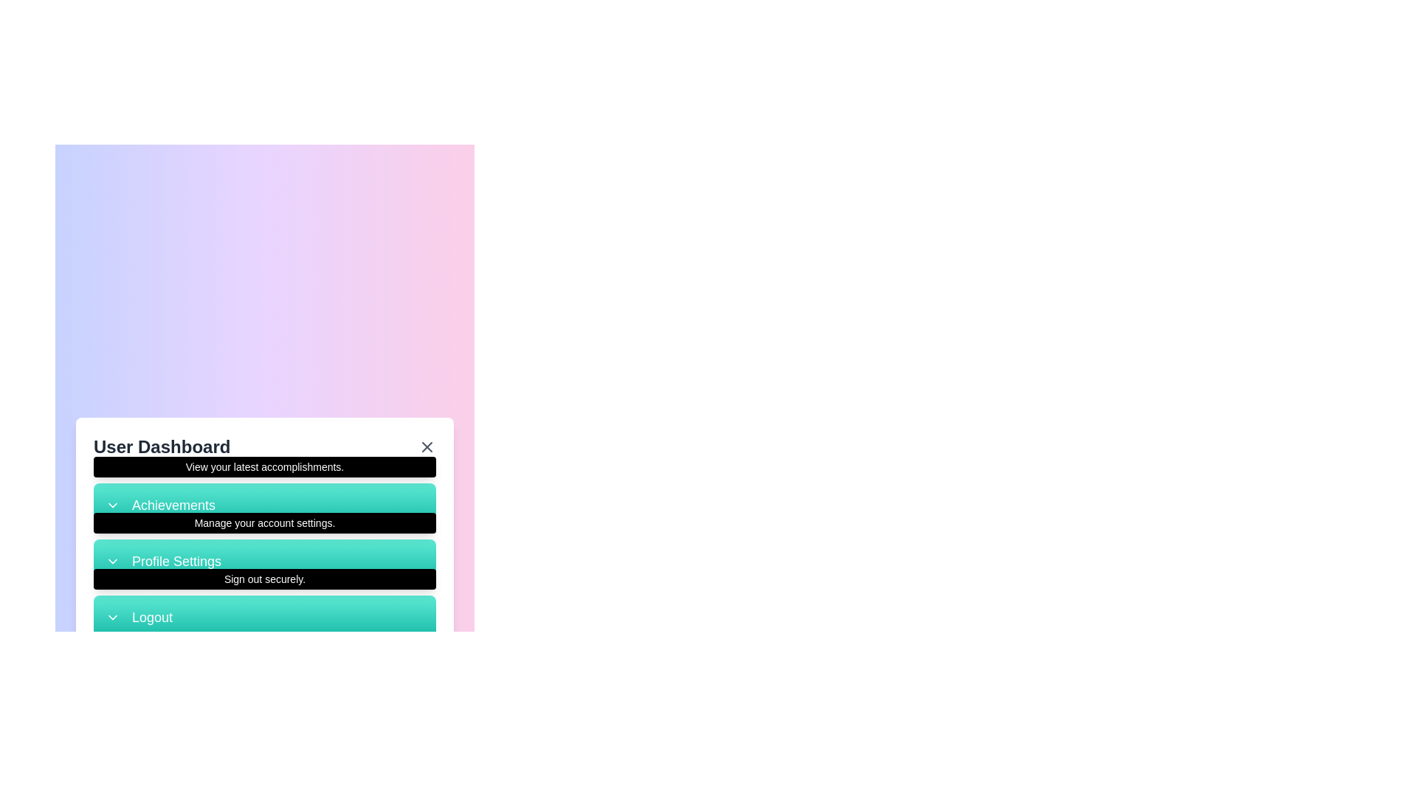 The height and width of the screenshot is (797, 1417). I want to click on the small 'X' icon with a dark gray stroke located in the top right corner of the User Dashboard, so click(427, 446).